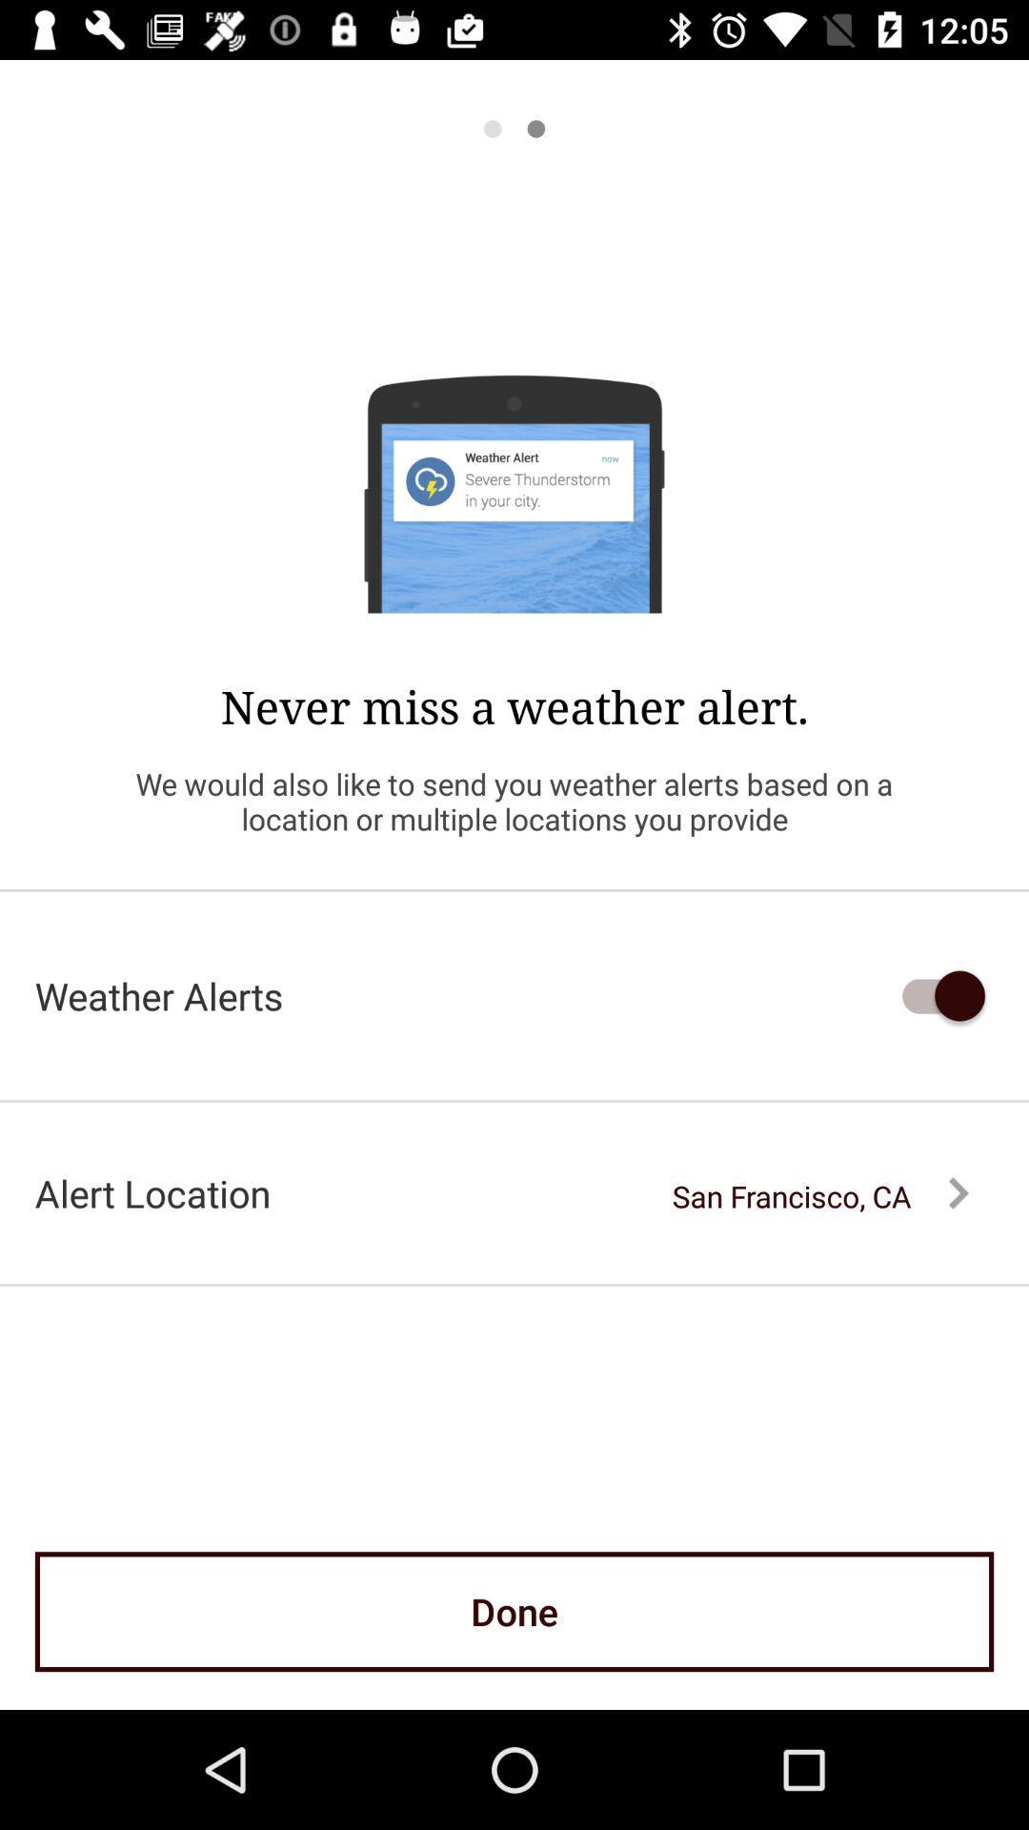  What do you see at coordinates (819, 1195) in the screenshot?
I see `item to the right of the alert location icon` at bounding box center [819, 1195].